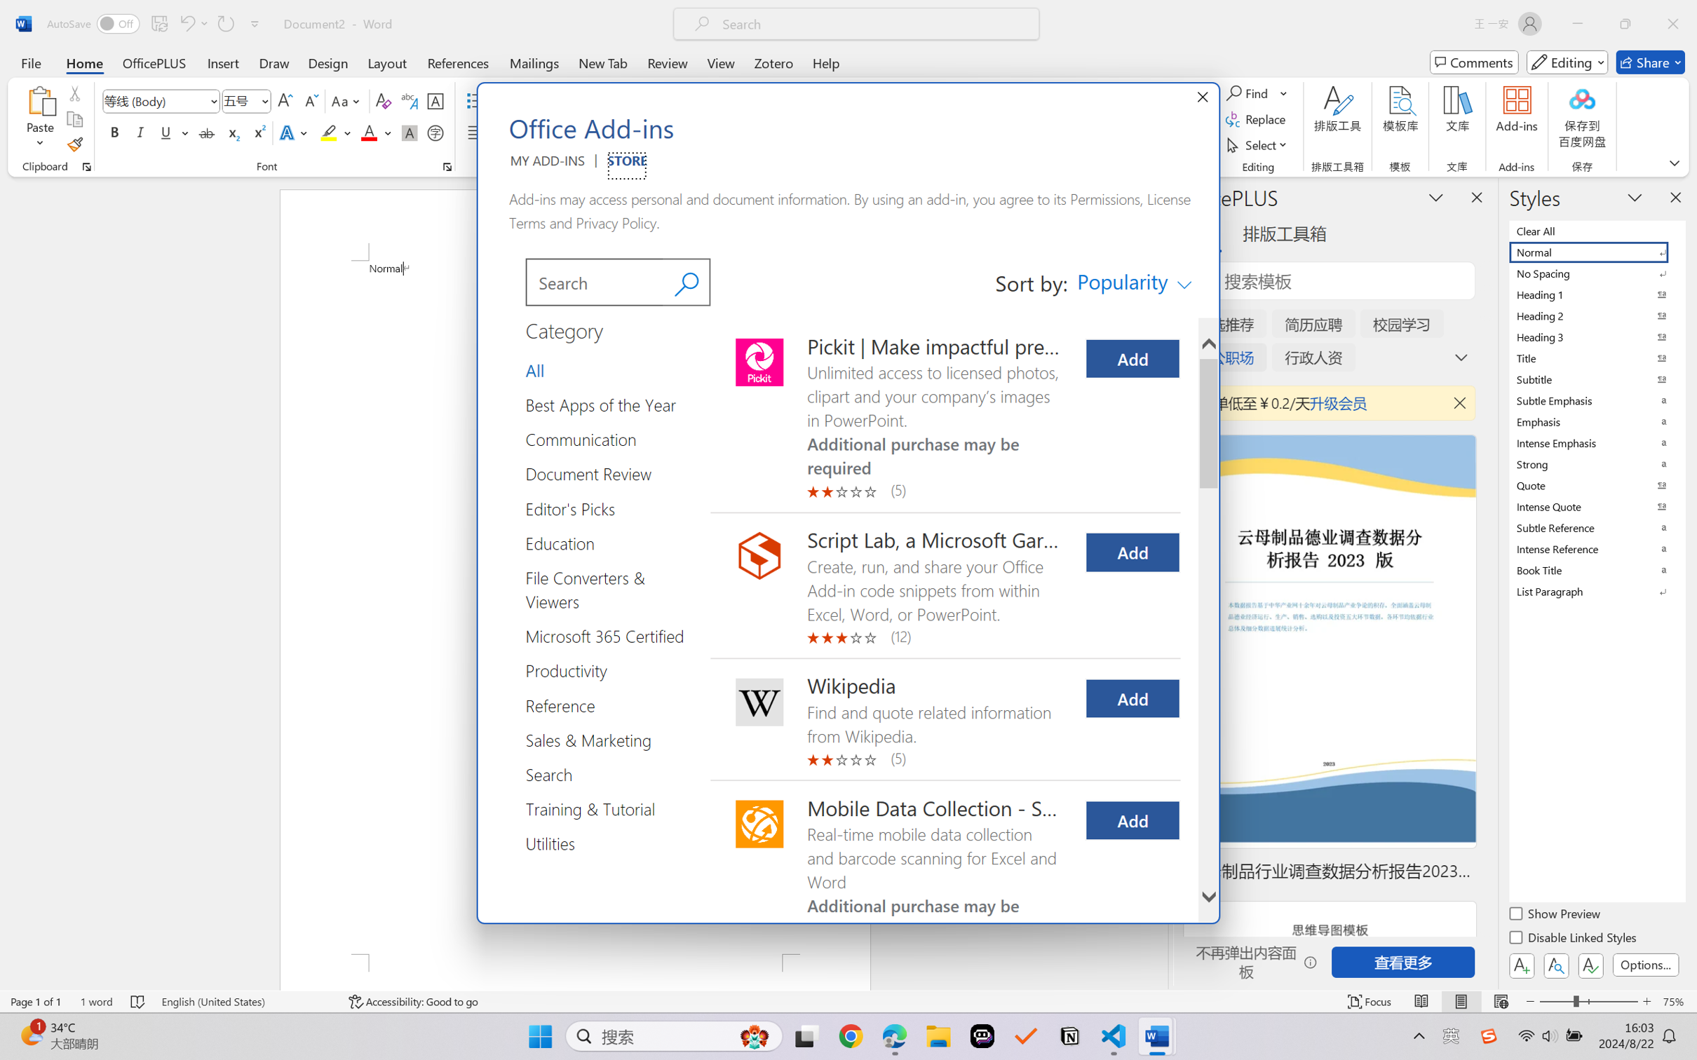  What do you see at coordinates (140, 132) in the screenshot?
I see `'Italic'` at bounding box center [140, 132].